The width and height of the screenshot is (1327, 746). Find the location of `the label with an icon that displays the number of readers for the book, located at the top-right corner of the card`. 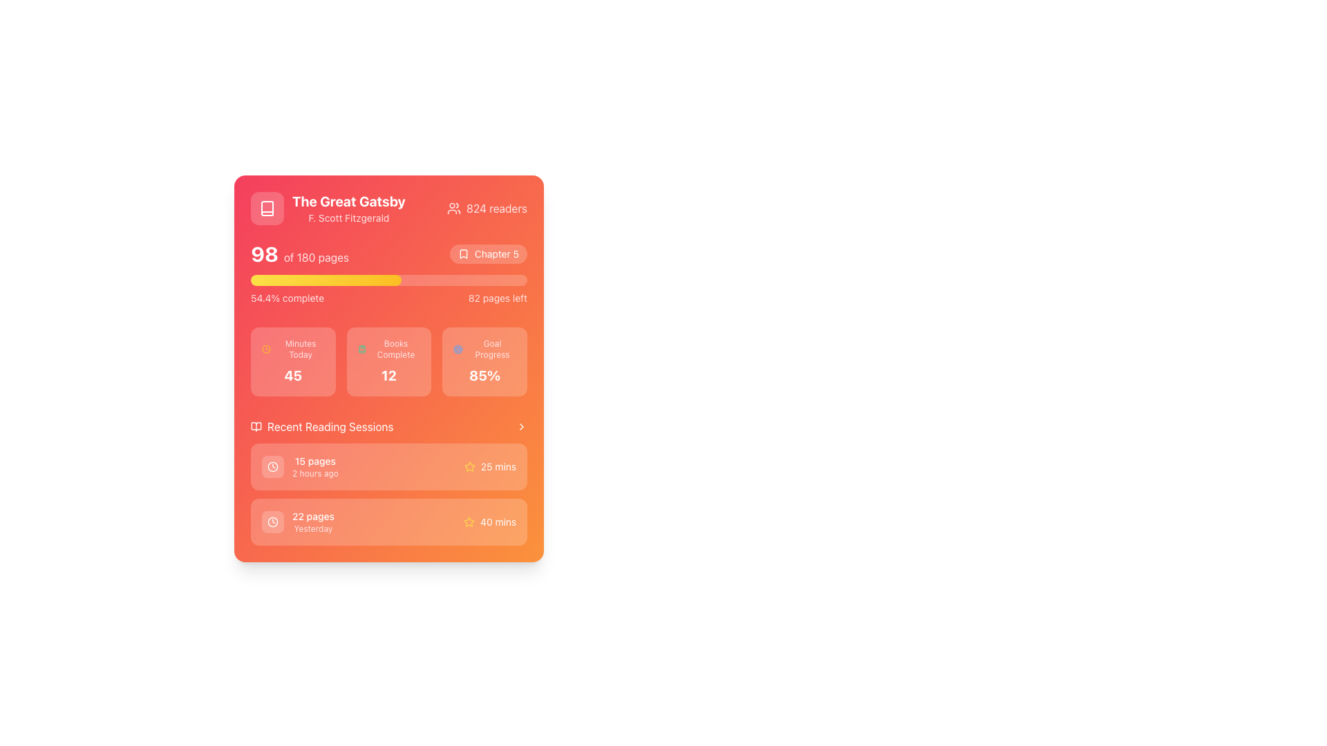

the label with an icon that displays the number of readers for the book, located at the top-right corner of the card is located at coordinates (487, 208).